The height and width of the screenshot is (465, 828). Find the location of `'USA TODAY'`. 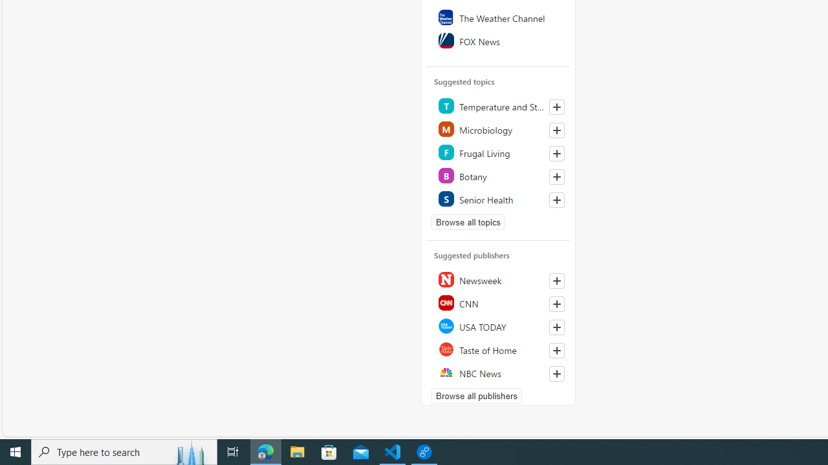

'USA TODAY' is located at coordinates (498, 325).